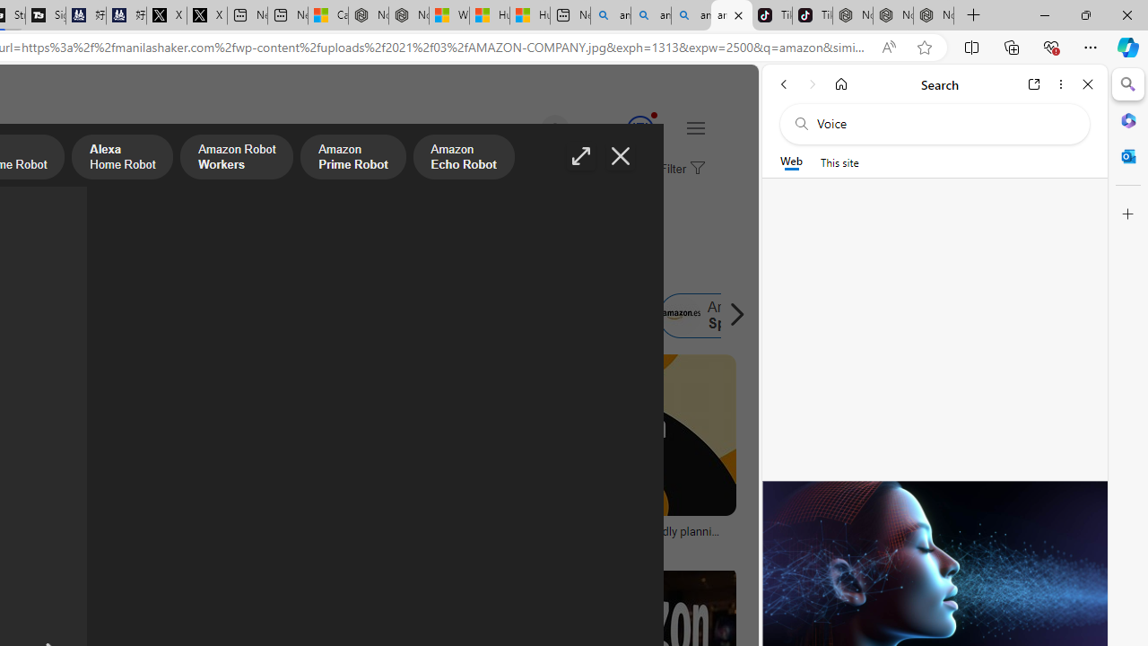 This screenshot has height=646, width=1148. What do you see at coordinates (679, 170) in the screenshot?
I see `'Filter'` at bounding box center [679, 170].